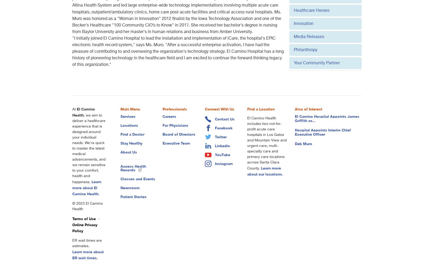  Describe the element at coordinates (225, 119) in the screenshot. I see `'Contact Us'` at that location.